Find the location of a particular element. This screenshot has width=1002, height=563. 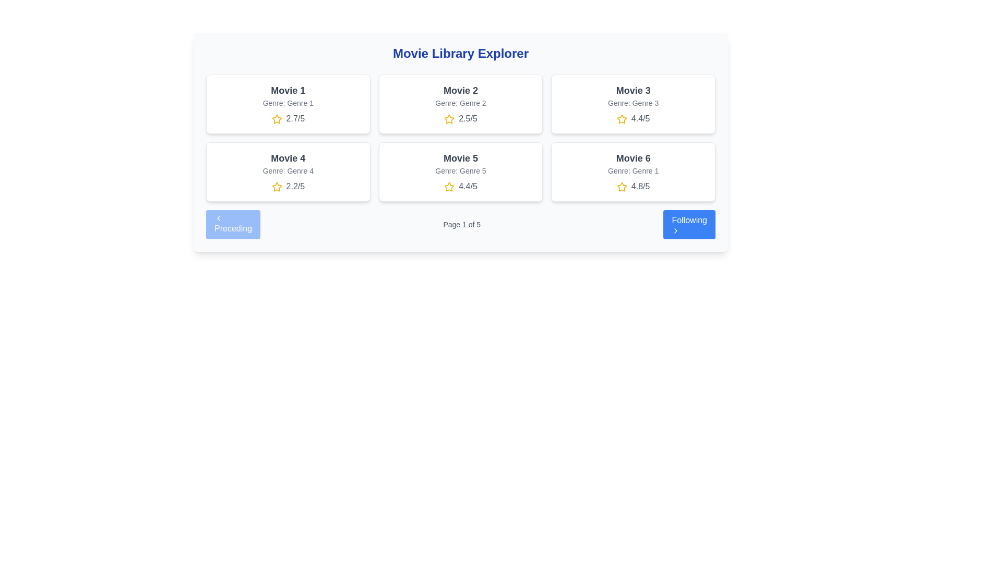

the star-shaped icon representing the rating for 'Movie 5', which is located in the second row, middle column of the grid layout, above the text '4.4/5' is located at coordinates (449, 186).